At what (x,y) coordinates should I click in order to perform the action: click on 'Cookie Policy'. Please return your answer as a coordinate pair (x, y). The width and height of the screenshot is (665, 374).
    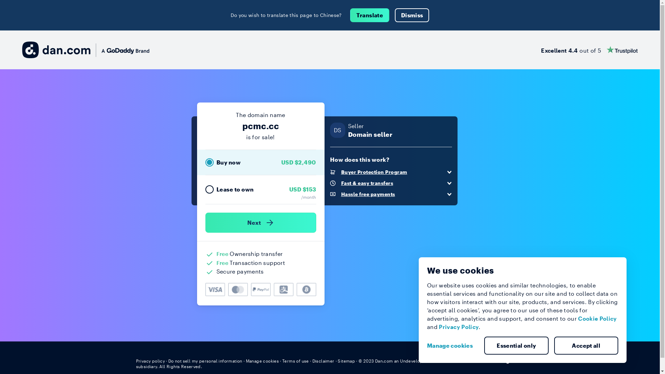
    Looking at the image, I should click on (597, 318).